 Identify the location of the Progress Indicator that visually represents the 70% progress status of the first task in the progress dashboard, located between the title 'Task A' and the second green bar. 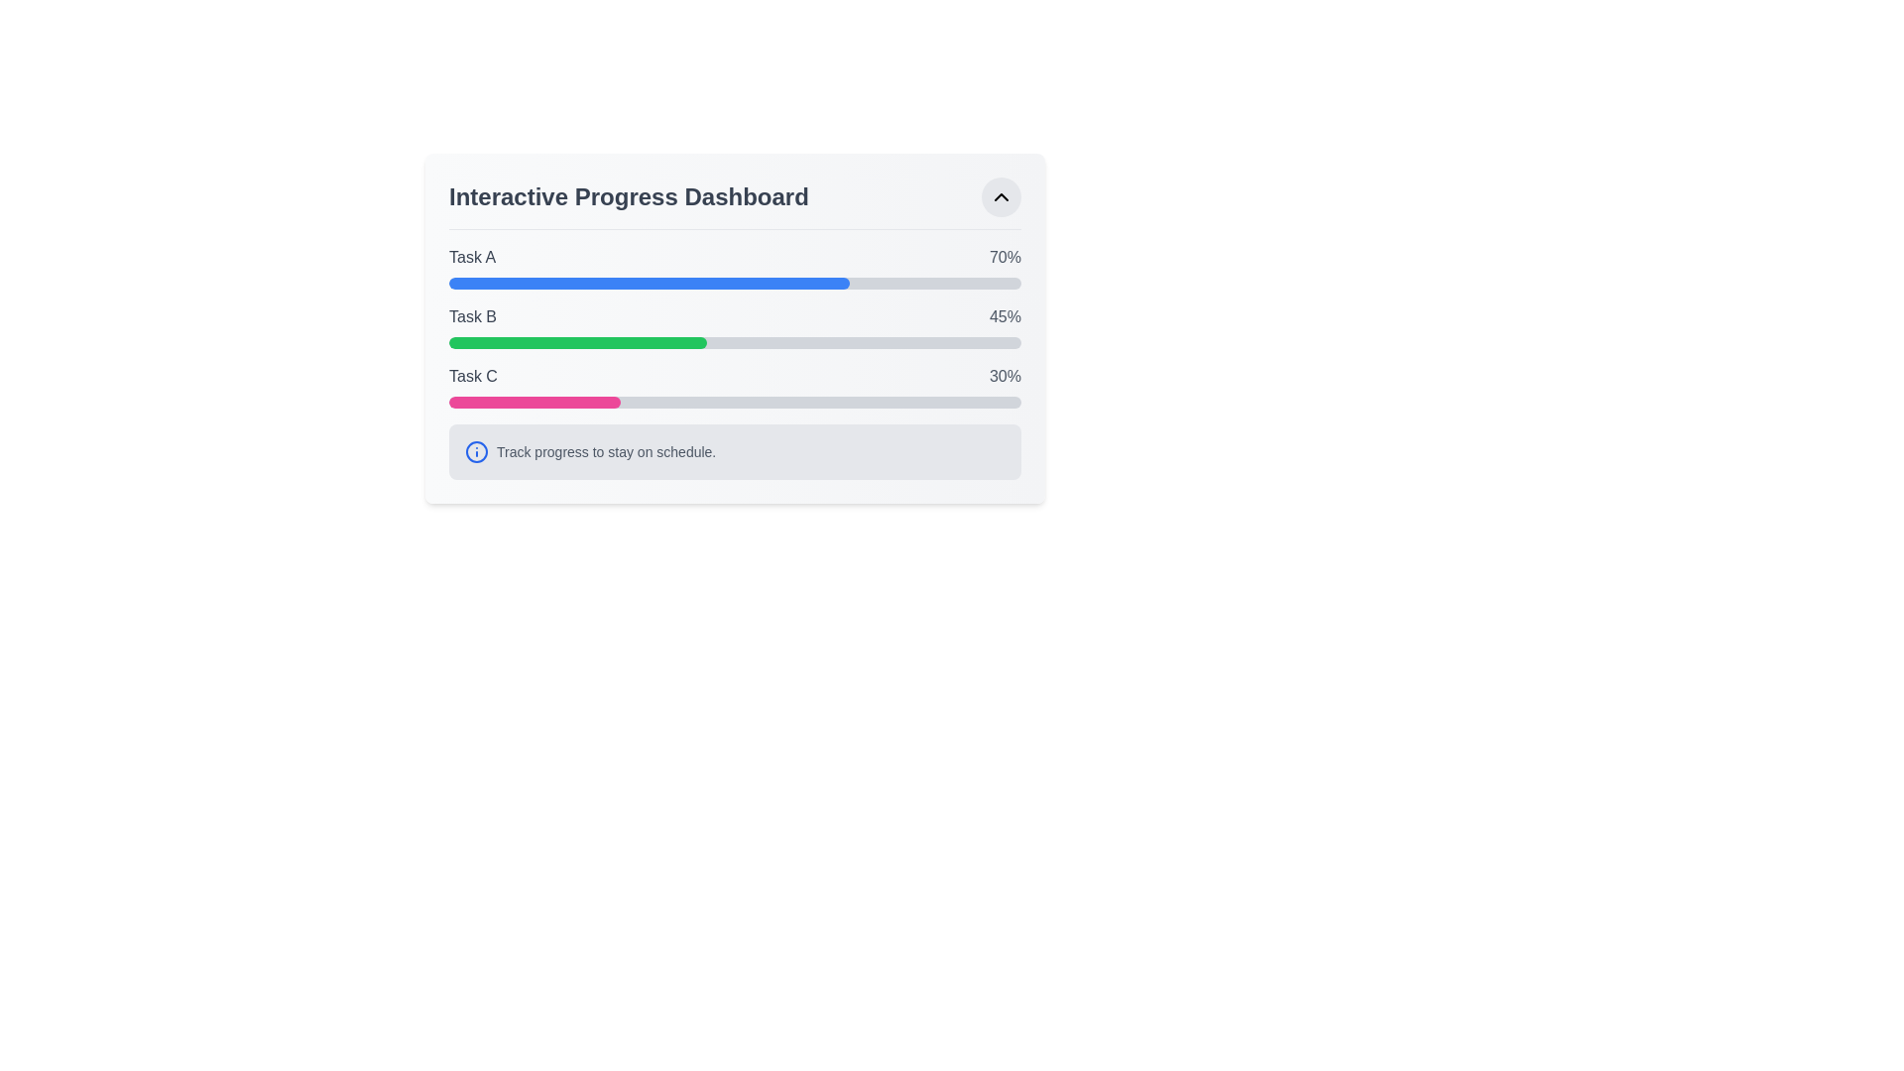
(649, 283).